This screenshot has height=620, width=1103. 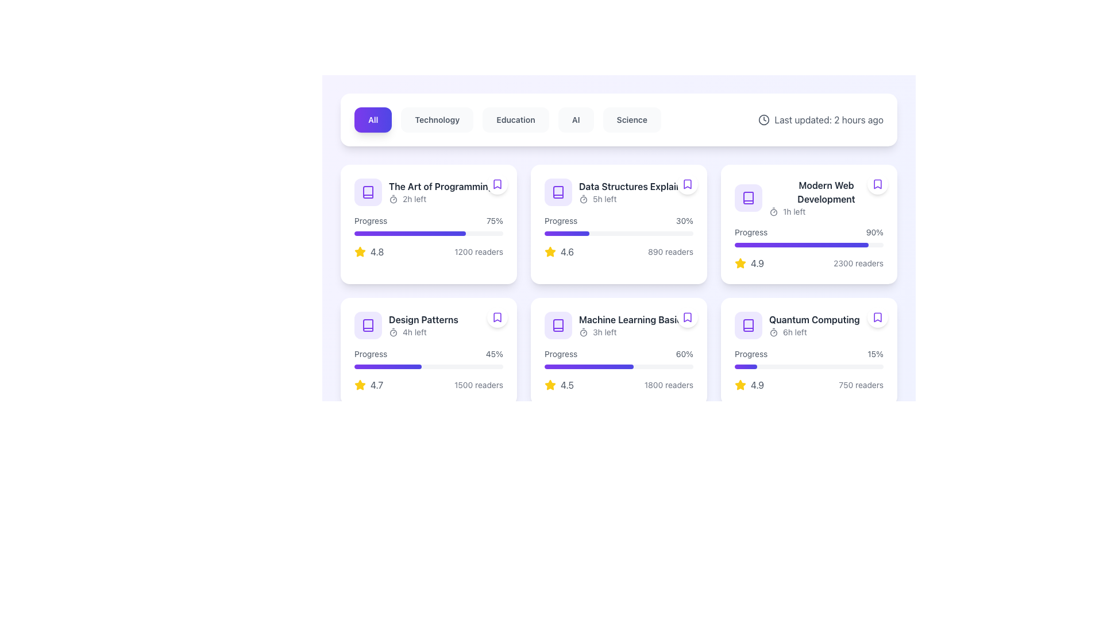 What do you see at coordinates (861, 385) in the screenshot?
I see `the '750 readers' text label located at the bottom right of the 'Quantum Computing' card, following the star rating indicator, despite it not being indicated as interactive` at bounding box center [861, 385].